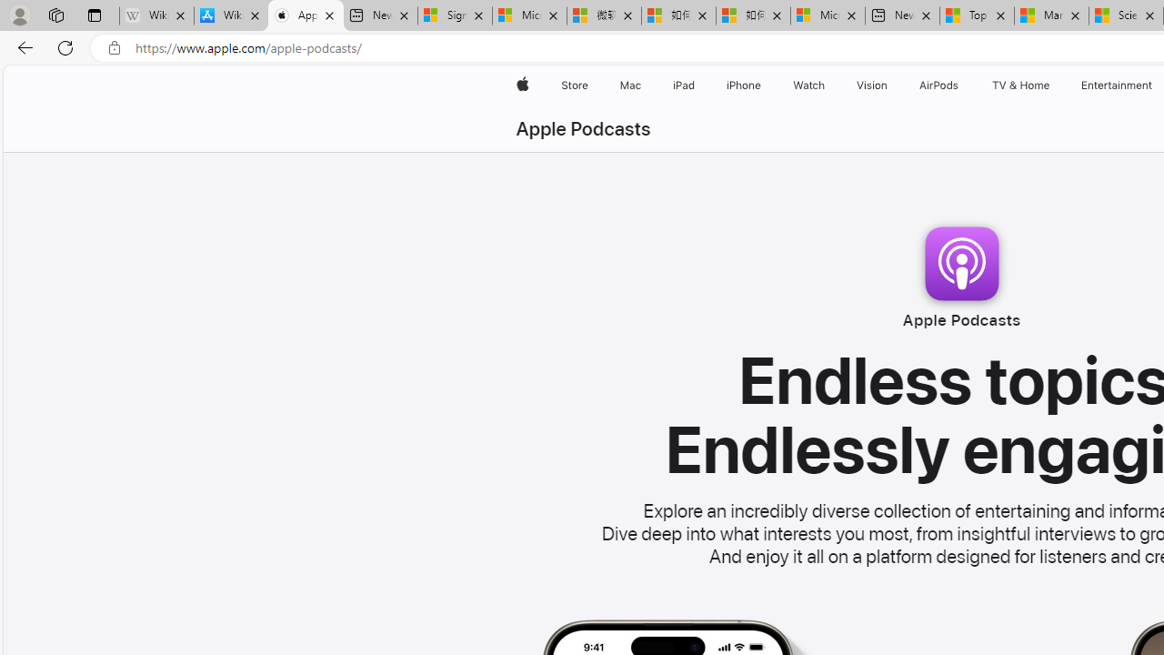  What do you see at coordinates (808, 85) in the screenshot?
I see `'Watch'` at bounding box center [808, 85].